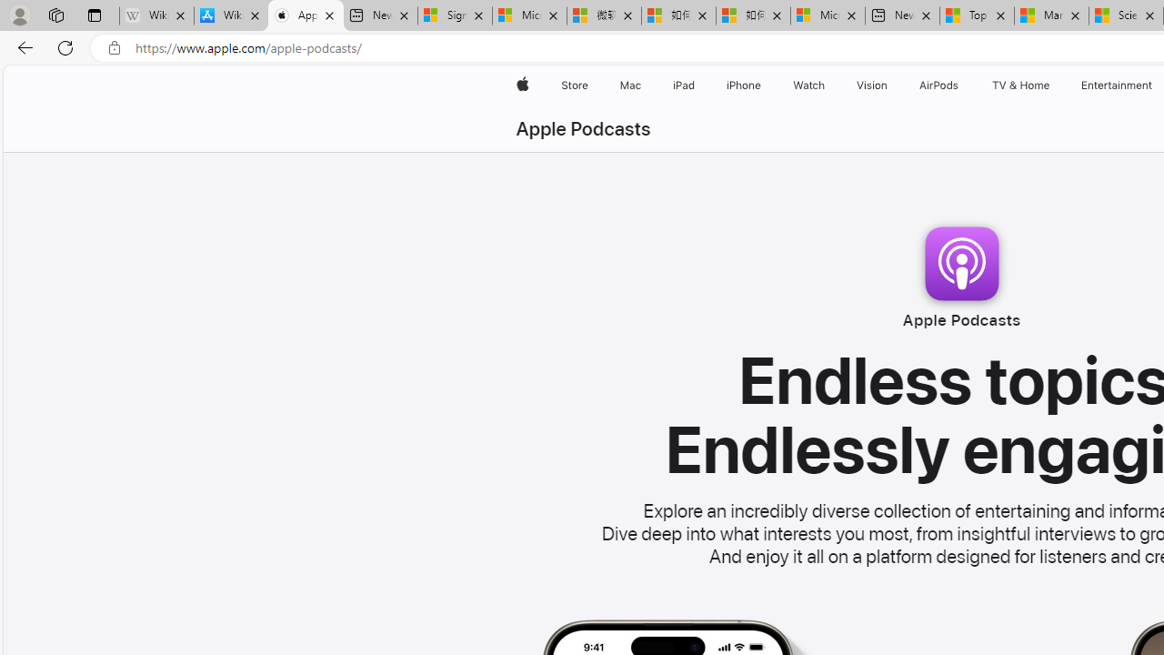  What do you see at coordinates (808, 85) in the screenshot?
I see `'Watch'` at bounding box center [808, 85].